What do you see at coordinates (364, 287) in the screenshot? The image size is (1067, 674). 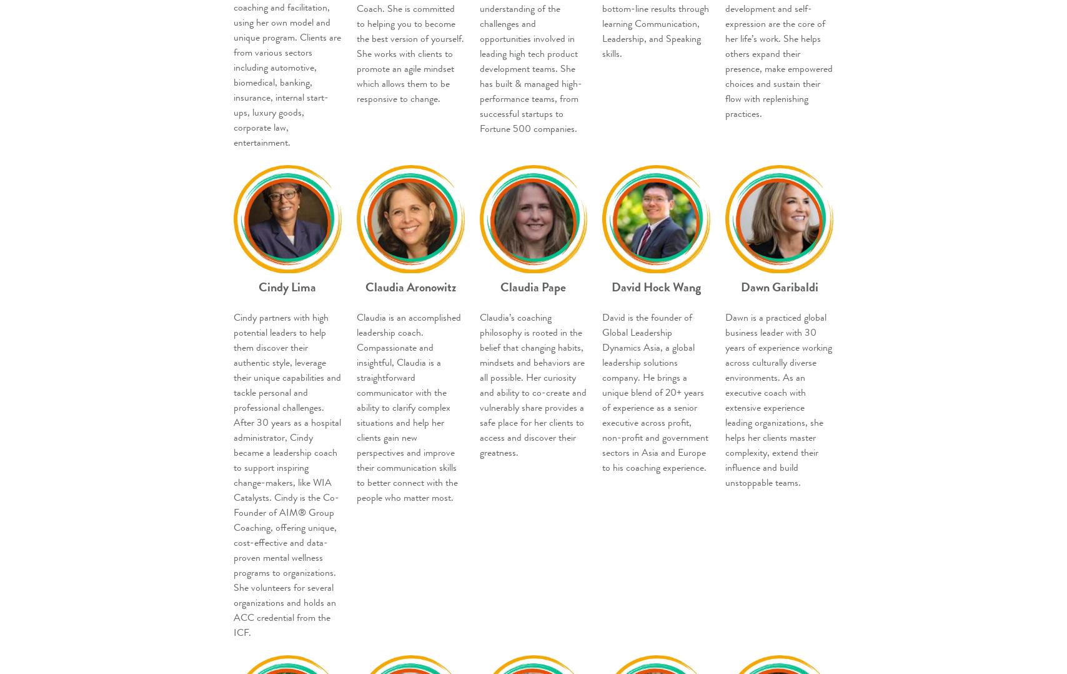 I see `'Claudia Aronowitz'` at bounding box center [364, 287].